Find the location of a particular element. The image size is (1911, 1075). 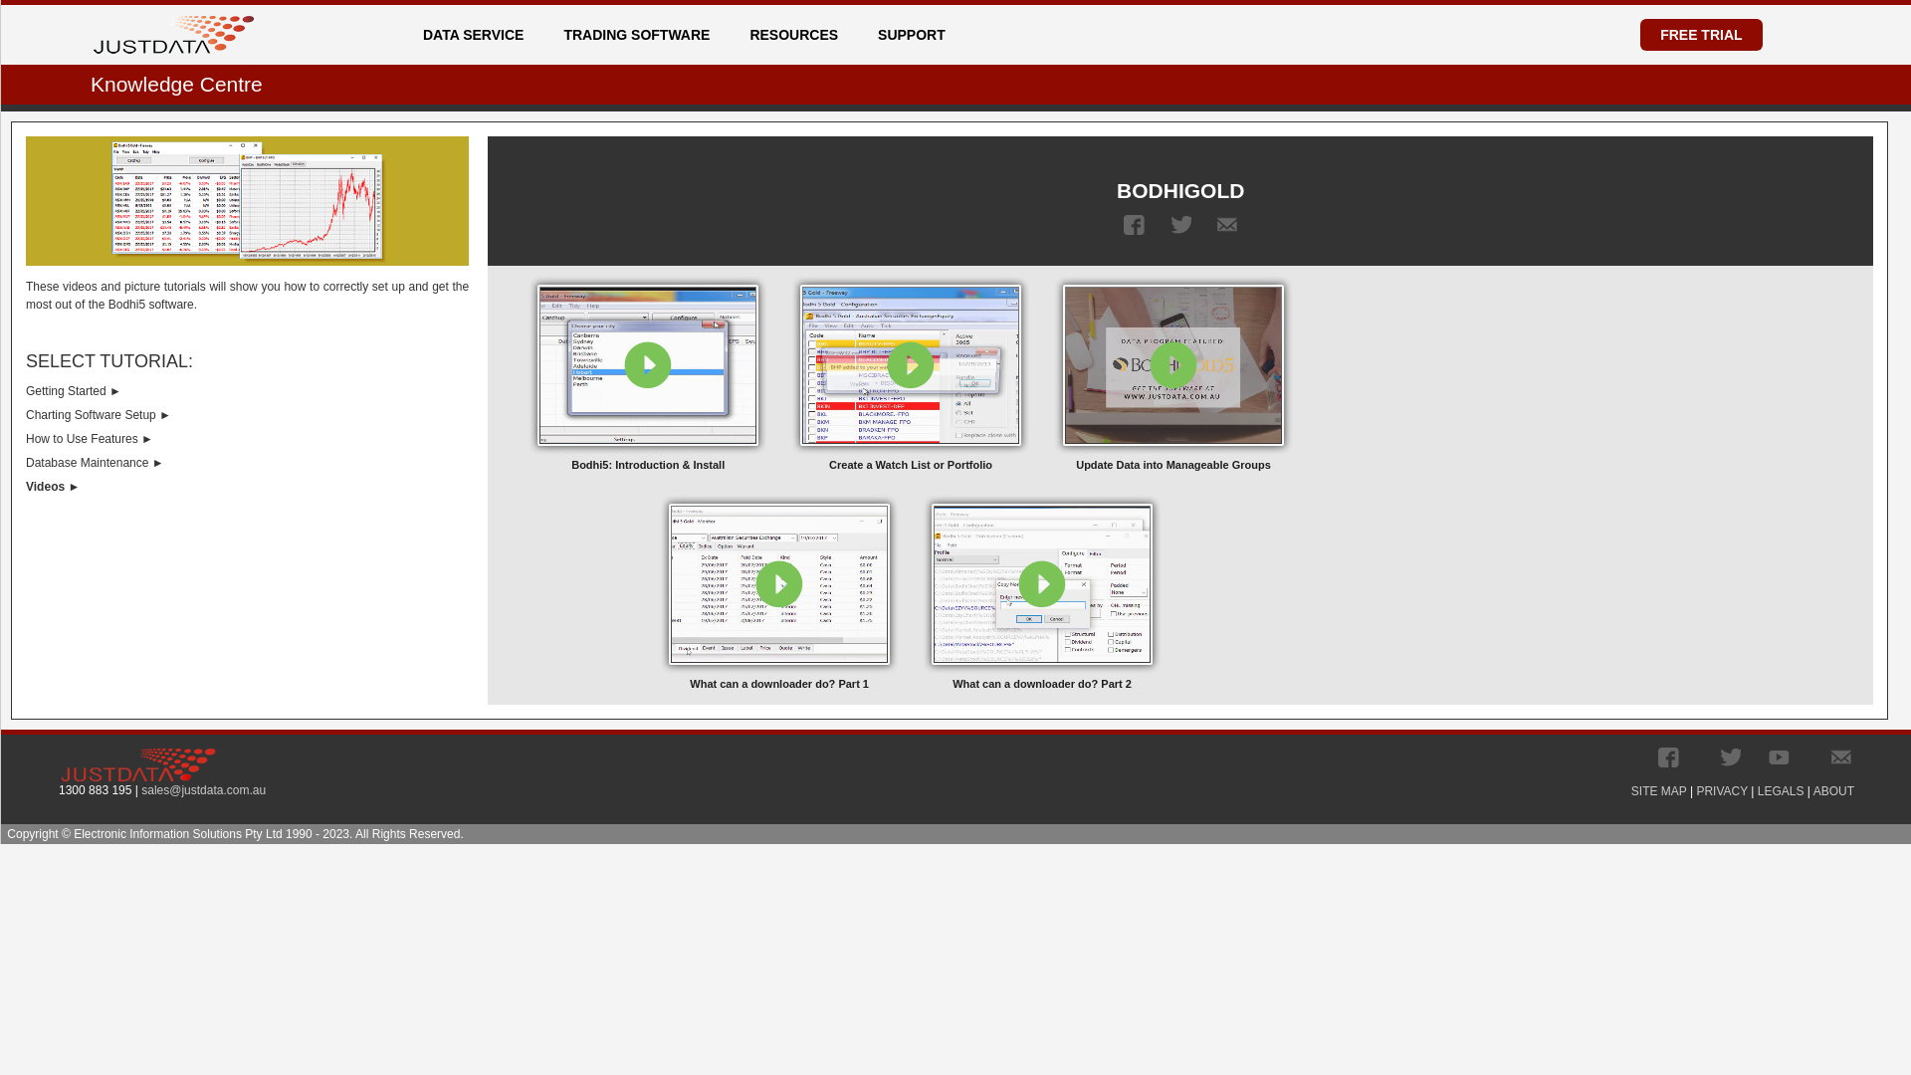

'JustData's Facebook Page' is located at coordinates (1668, 756).